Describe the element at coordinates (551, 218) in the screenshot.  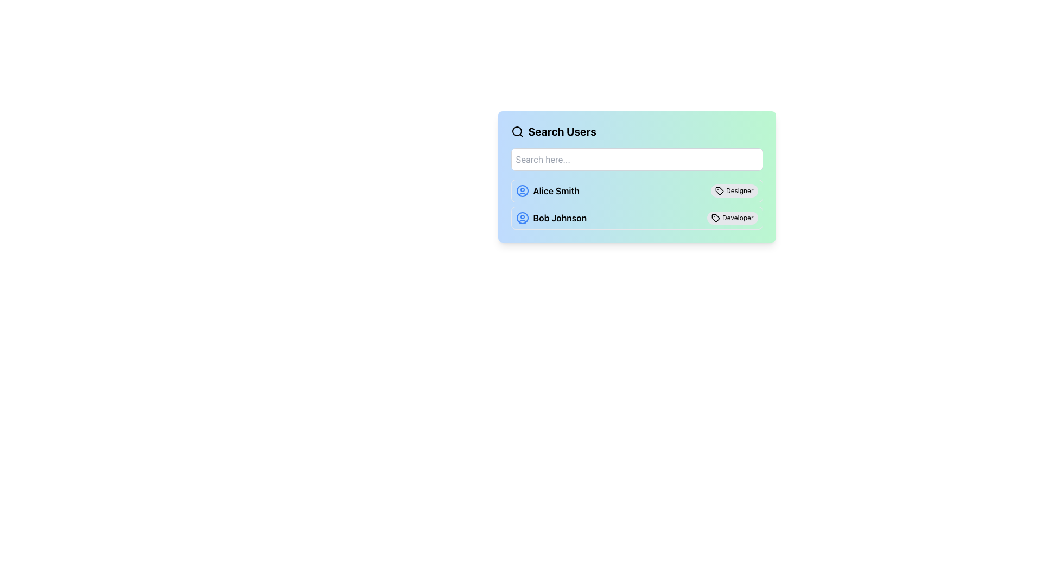
I see `the Text with Icon element that identifies the user in the second entry of the user listing section, located beneath 'Alice Smith' and aligned on the left` at that location.